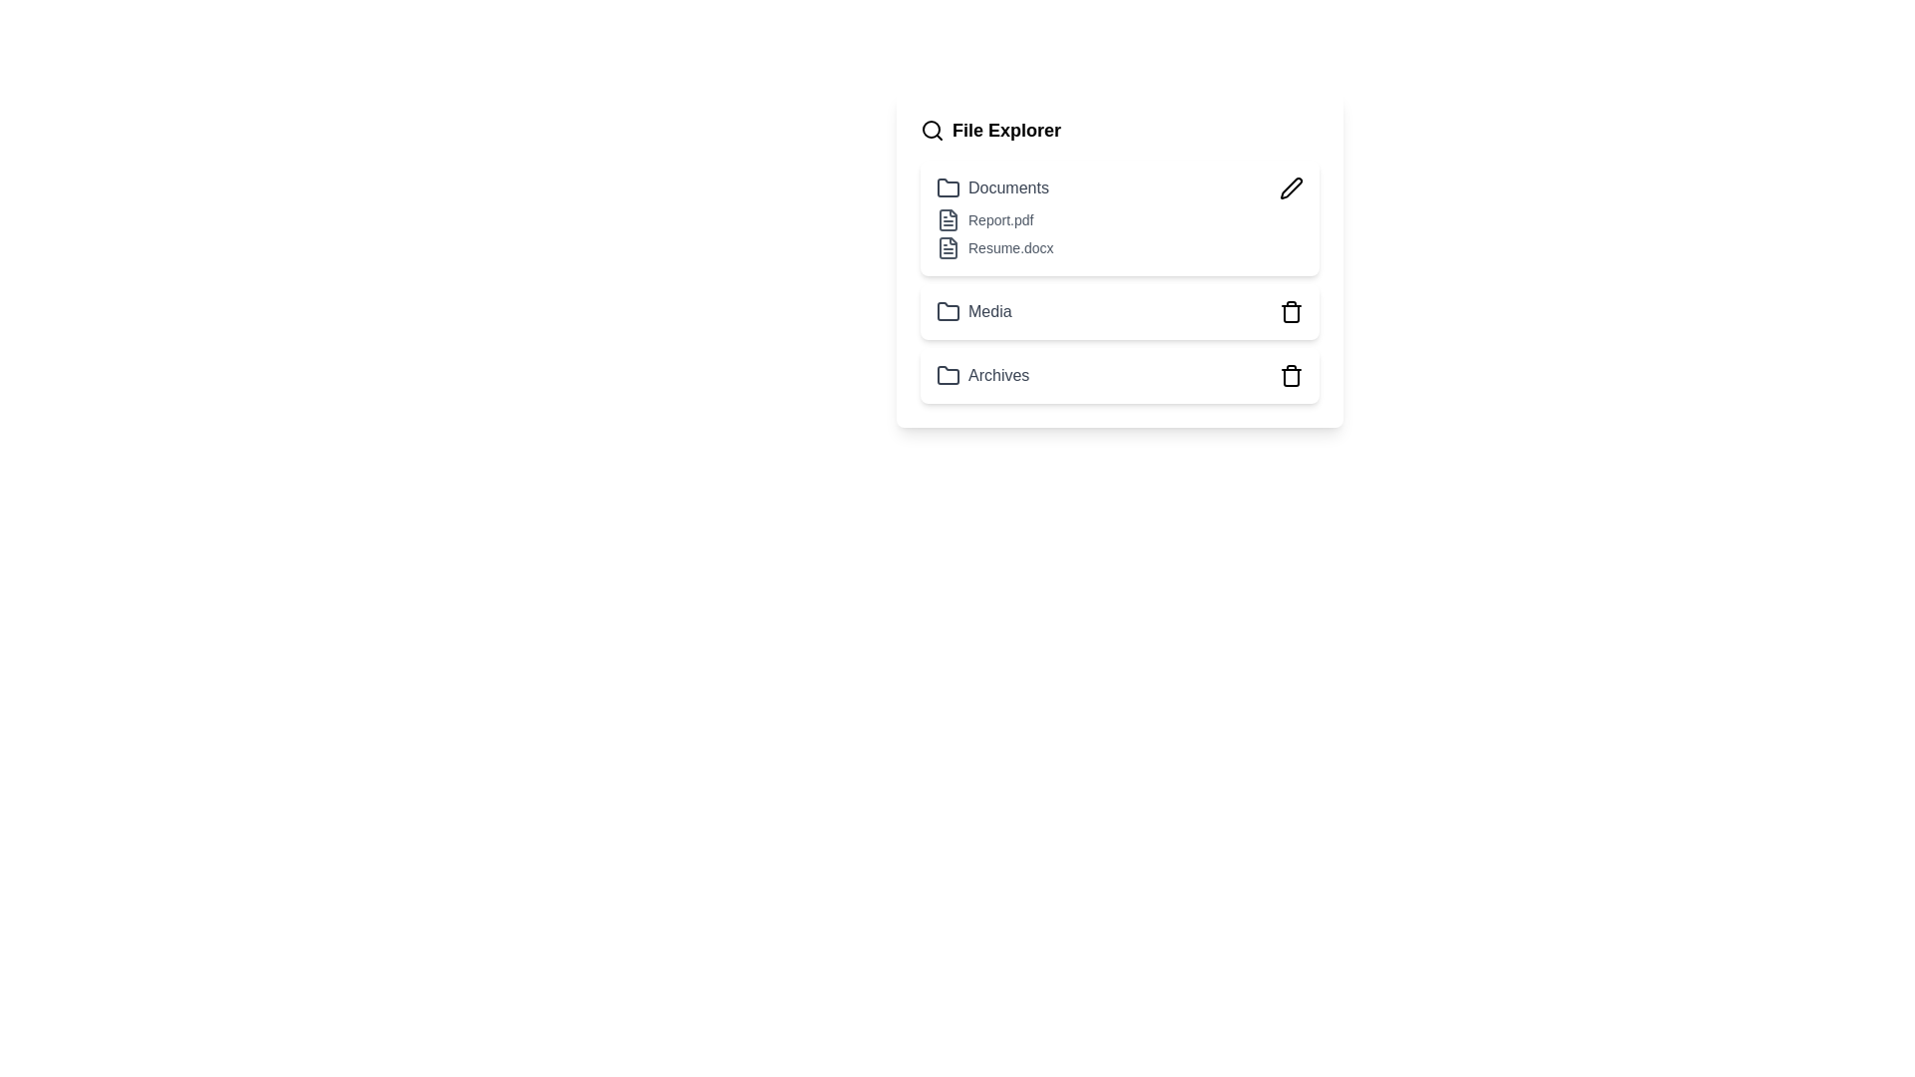 This screenshot has width=1915, height=1077. What do you see at coordinates (947, 187) in the screenshot?
I see `the folder-shaped icon adjacent to the 'Documents' label in the 'File Explorer' section` at bounding box center [947, 187].